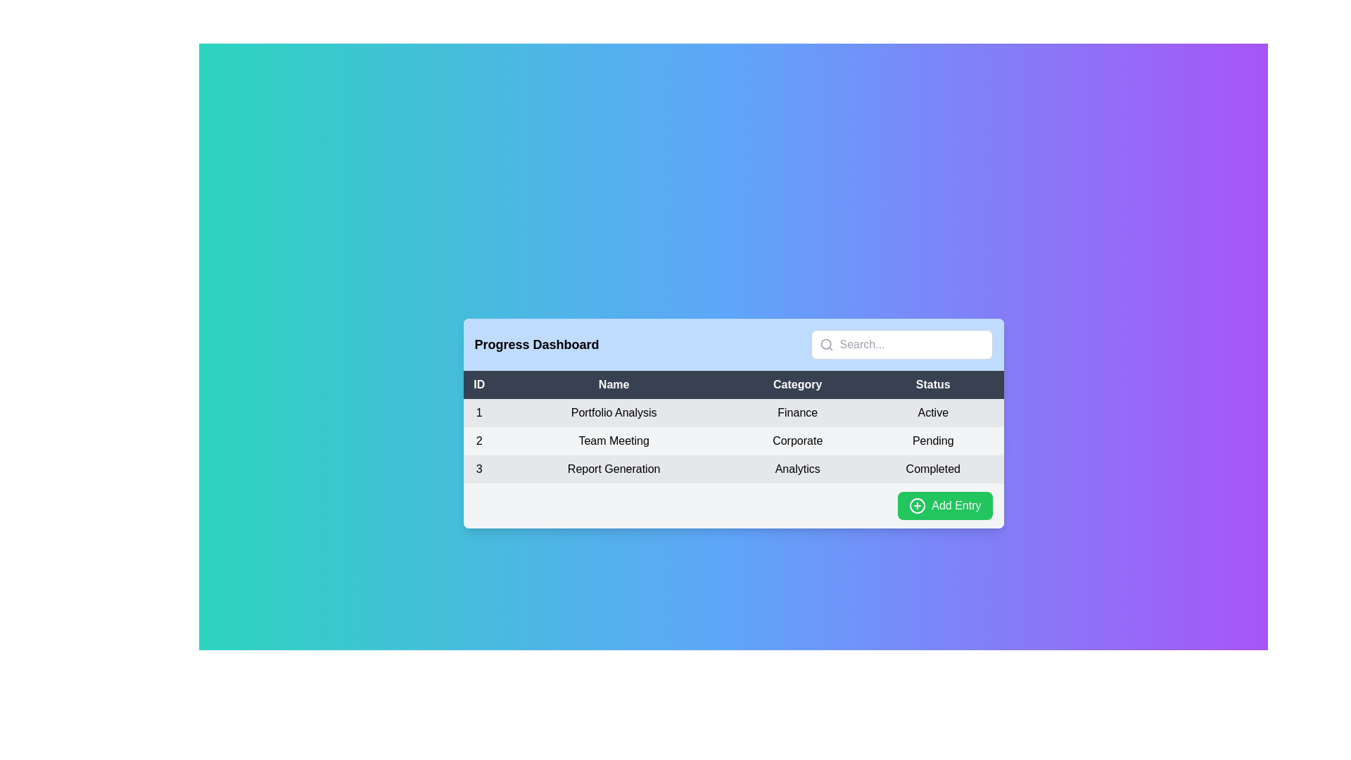  What do you see at coordinates (479, 412) in the screenshot?
I see `the table cell in the first row under the ID column of the 'Progress Dashboard' table, which is positioned to the left of the 'Portfolio Analysis' cell` at bounding box center [479, 412].